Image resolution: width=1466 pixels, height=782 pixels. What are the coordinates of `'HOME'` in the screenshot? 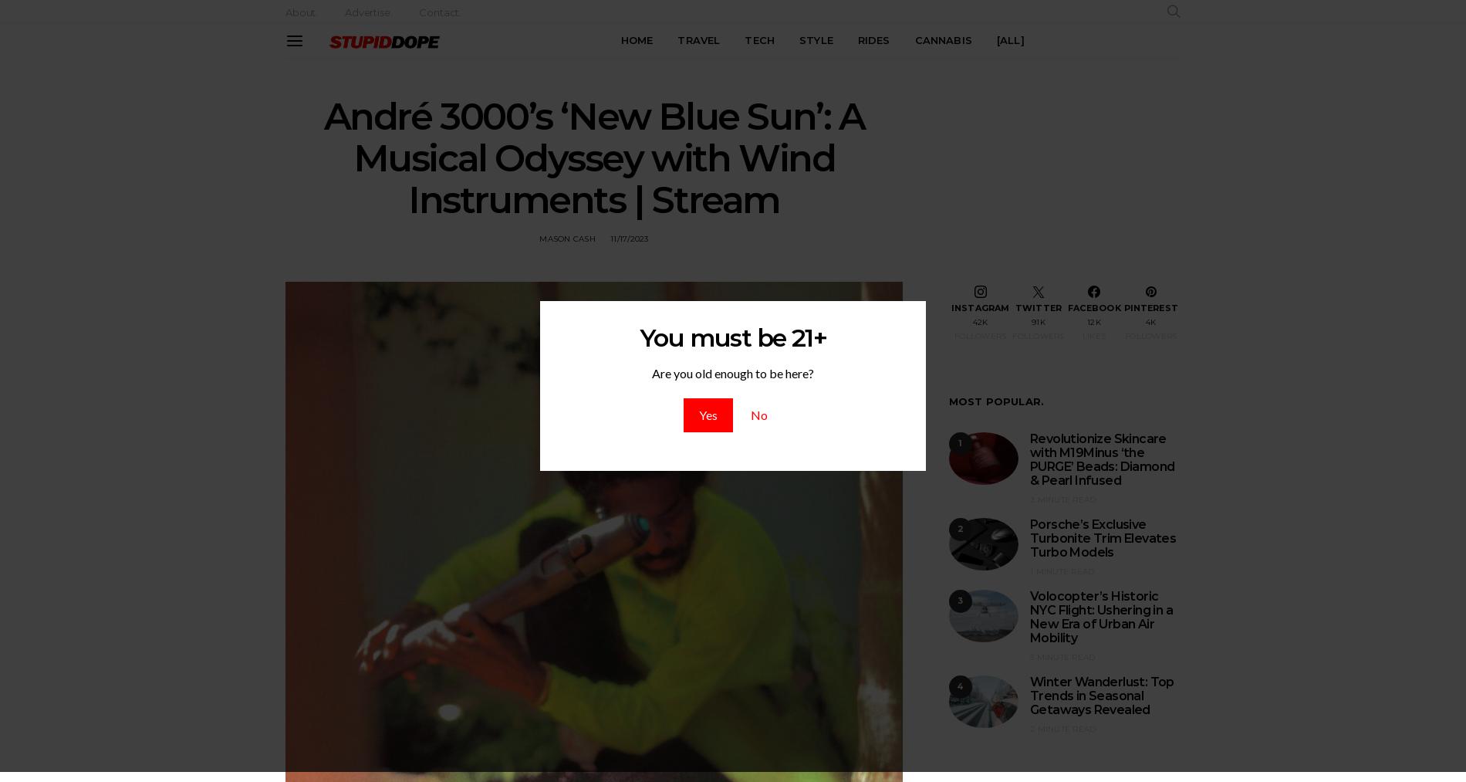 It's located at (635, 39).